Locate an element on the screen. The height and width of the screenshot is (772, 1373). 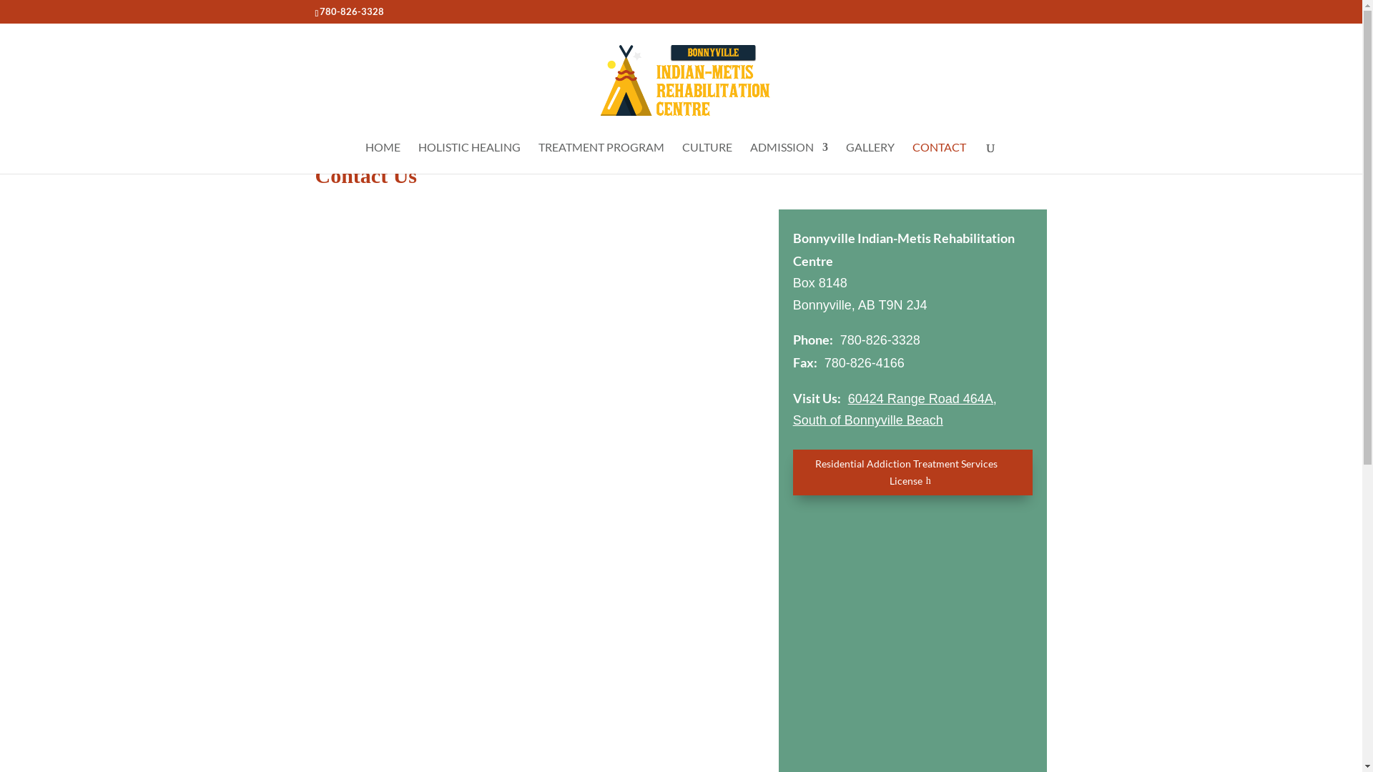
'HOME' is located at coordinates (383, 157).